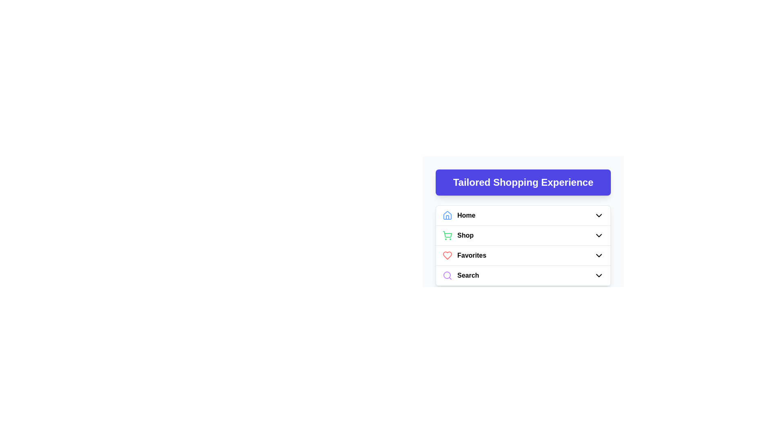  I want to click on the header element with a bright indigo background and white bold text reading 'Tailored Shopping Experience', so click(523, 182).